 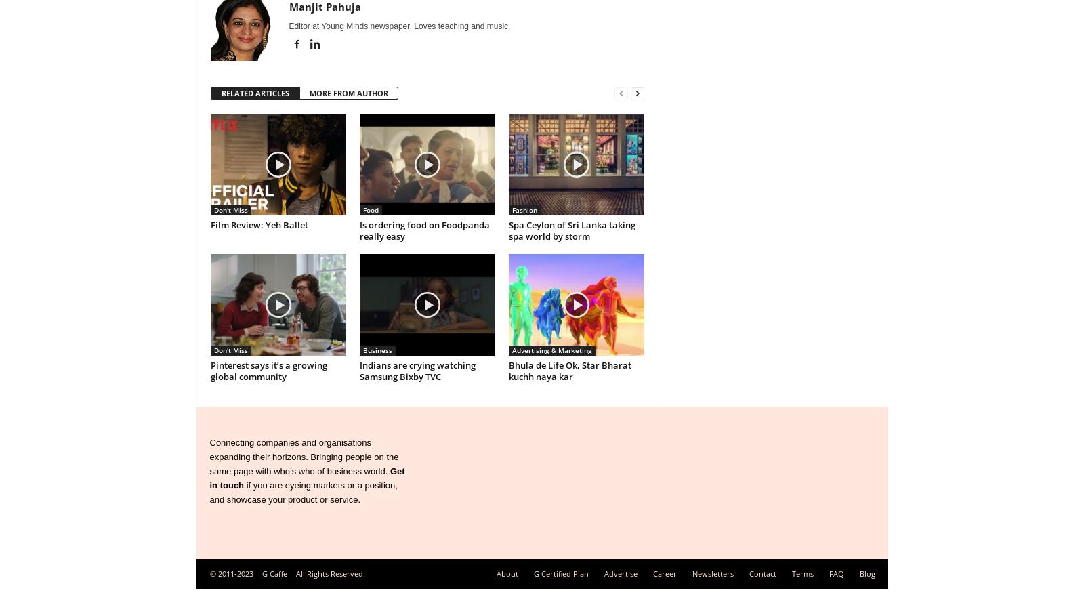 What do you see at coordinates (663, 573) in the screenshot?
I see `'Career'` at bounding box center [663, 573].